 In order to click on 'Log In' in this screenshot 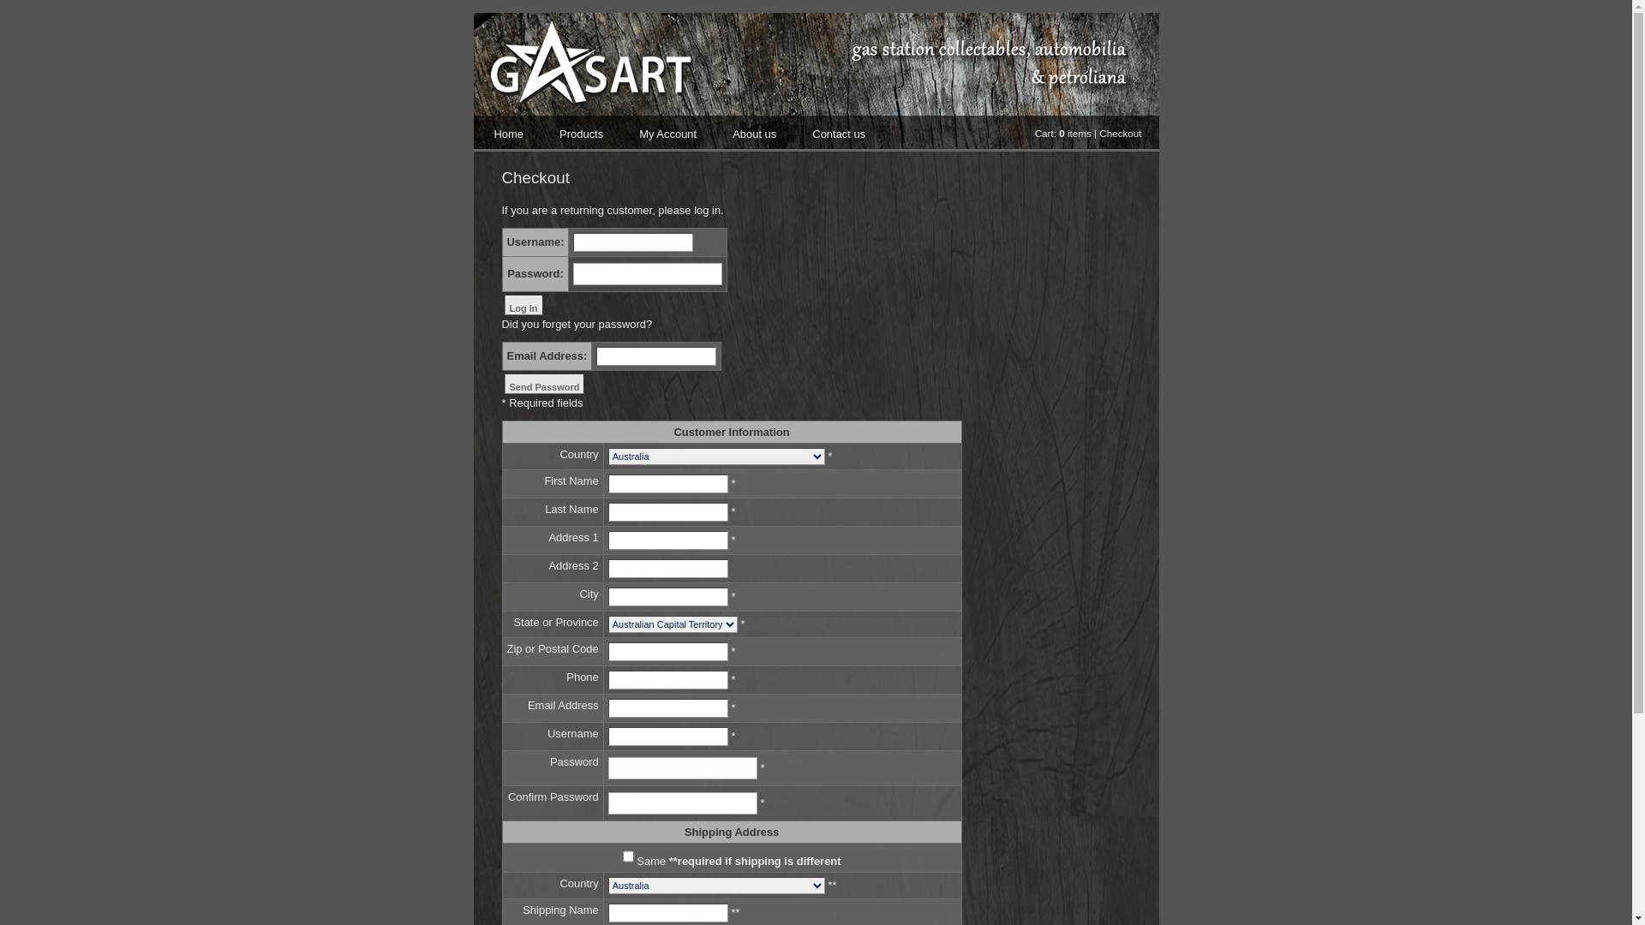, I will do `click(503, 303)`.